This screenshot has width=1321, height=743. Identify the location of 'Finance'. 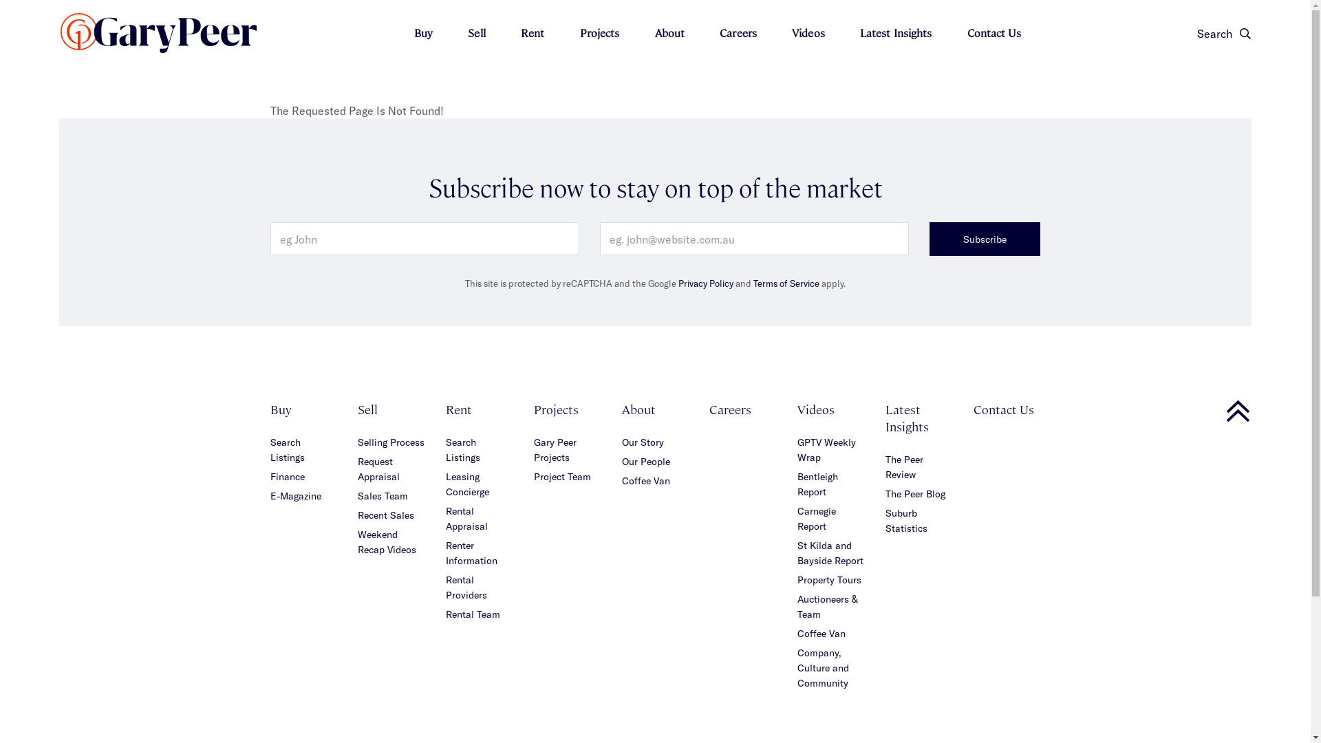
(286, 475).